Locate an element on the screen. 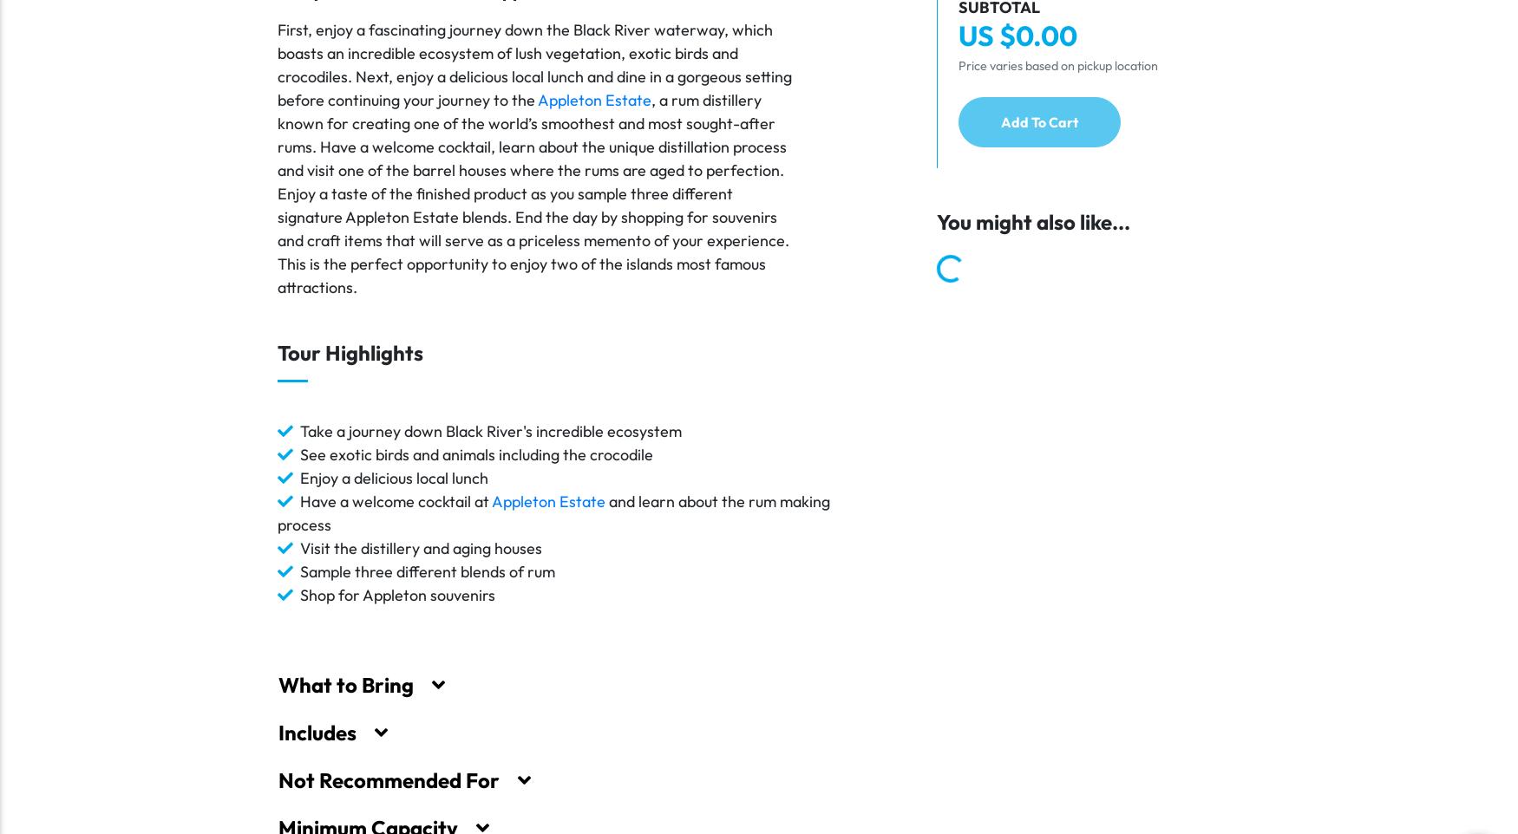 This screenshot has height=834, width=1518. 'Add To Cart' is located at coordinates (1039, 120).